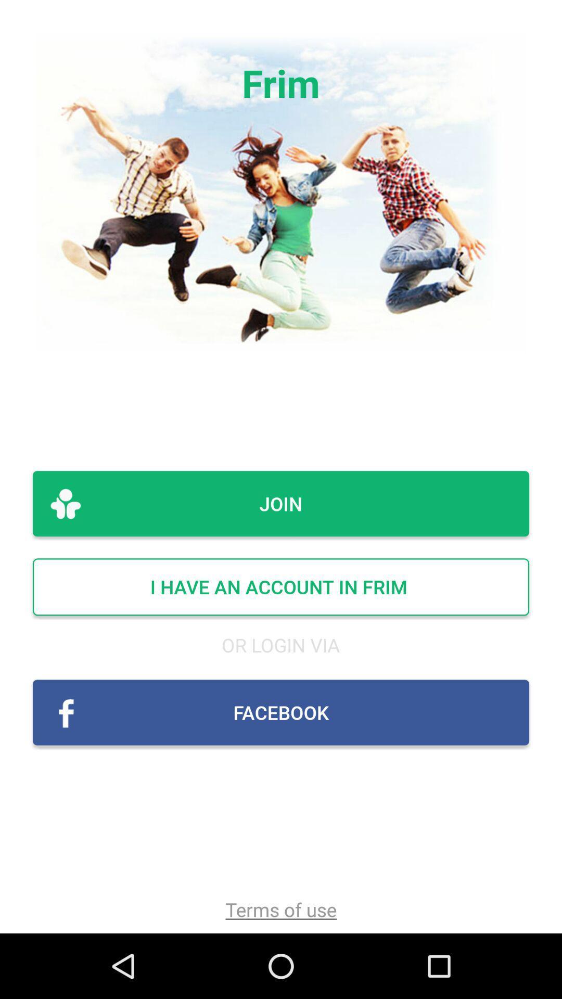 The image size is (562, 999). Describe the element at coordinates (281, 504) in the screenshot. I see `join` at that location.